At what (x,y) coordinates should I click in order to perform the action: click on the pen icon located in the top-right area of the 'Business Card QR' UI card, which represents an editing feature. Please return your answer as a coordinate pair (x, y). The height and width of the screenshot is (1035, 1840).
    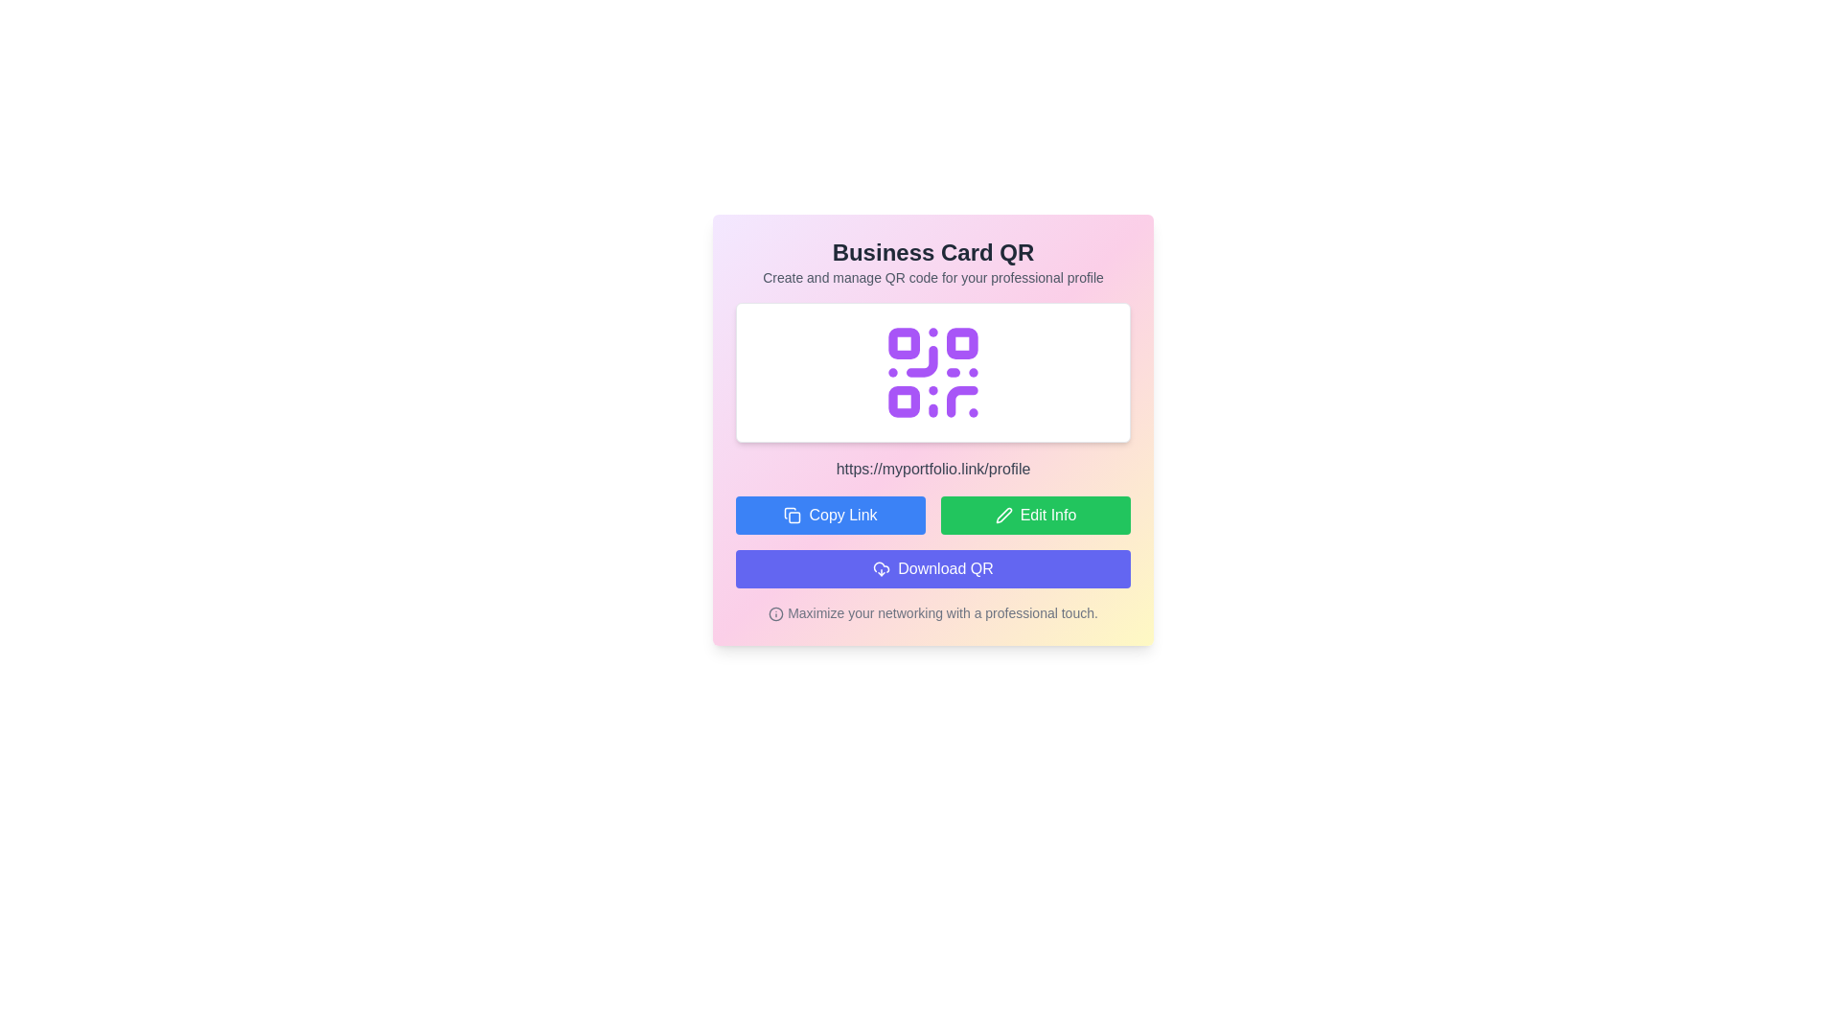
    Looking at the image, I should click on (1002, 514).